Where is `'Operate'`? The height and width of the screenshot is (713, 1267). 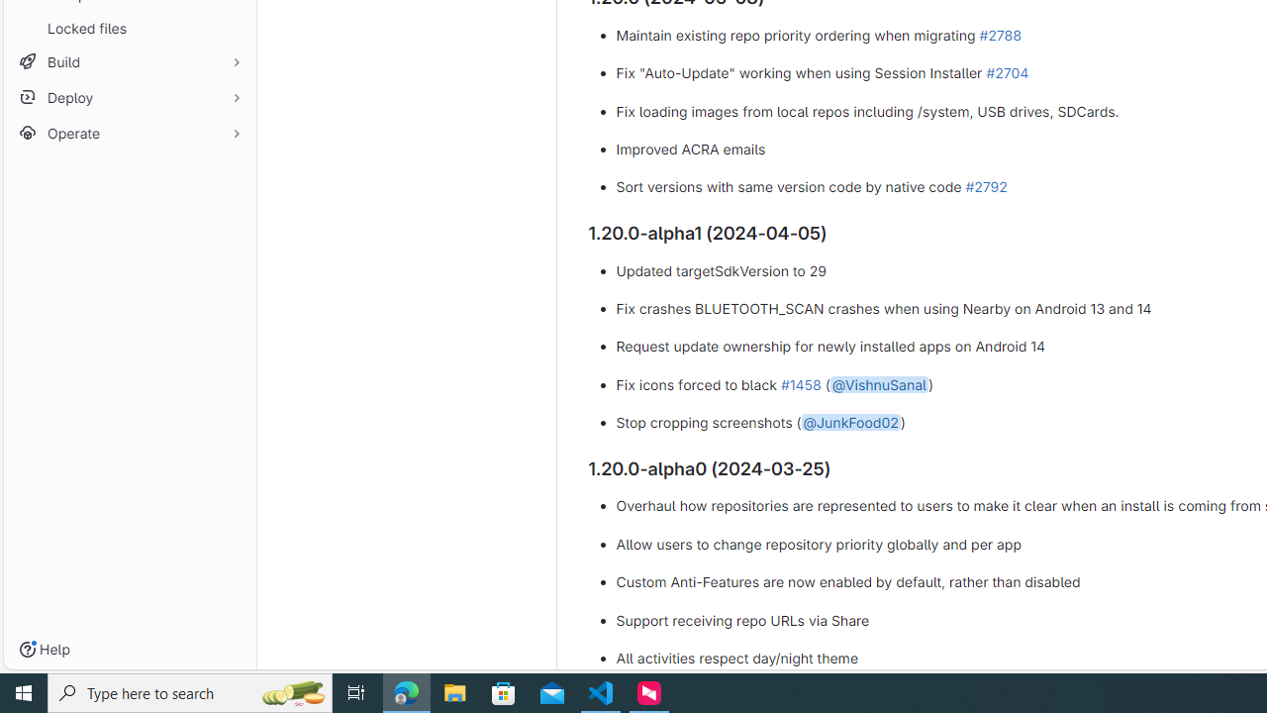
'Operate' is located at coordinates (129, 133).